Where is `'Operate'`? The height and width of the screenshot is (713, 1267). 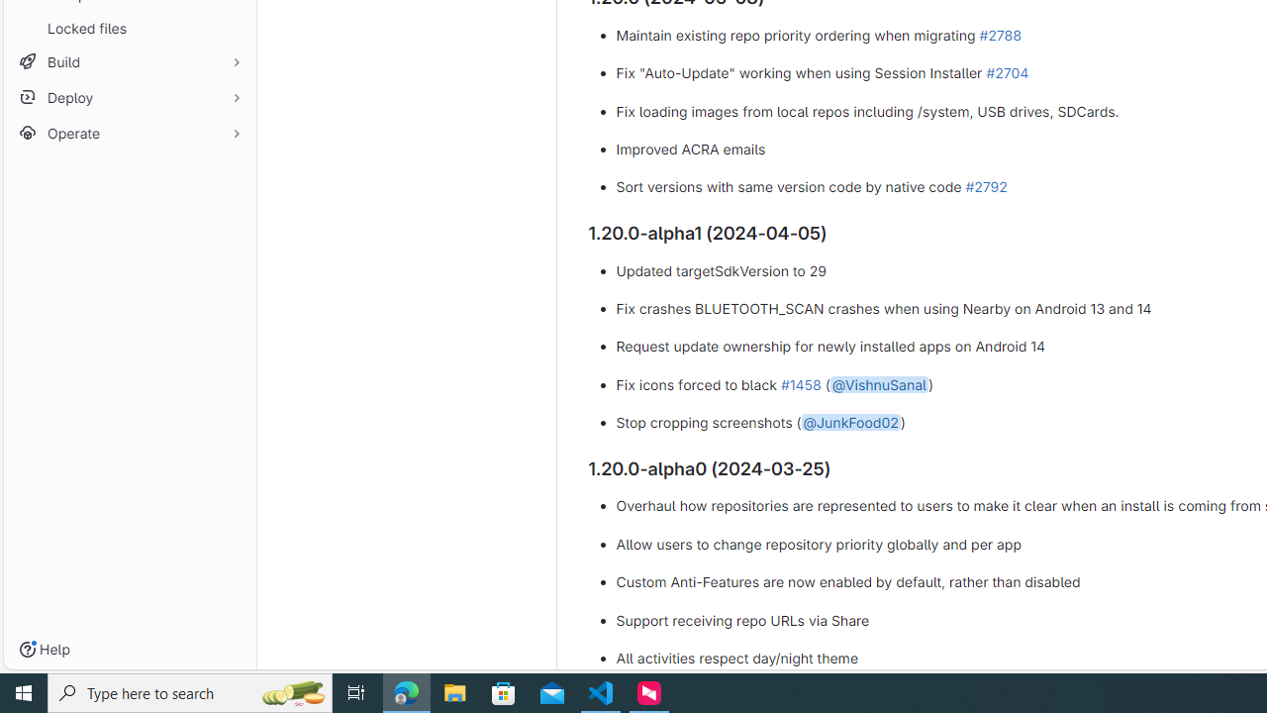
'Operate' is located at coordinates (129, 133).